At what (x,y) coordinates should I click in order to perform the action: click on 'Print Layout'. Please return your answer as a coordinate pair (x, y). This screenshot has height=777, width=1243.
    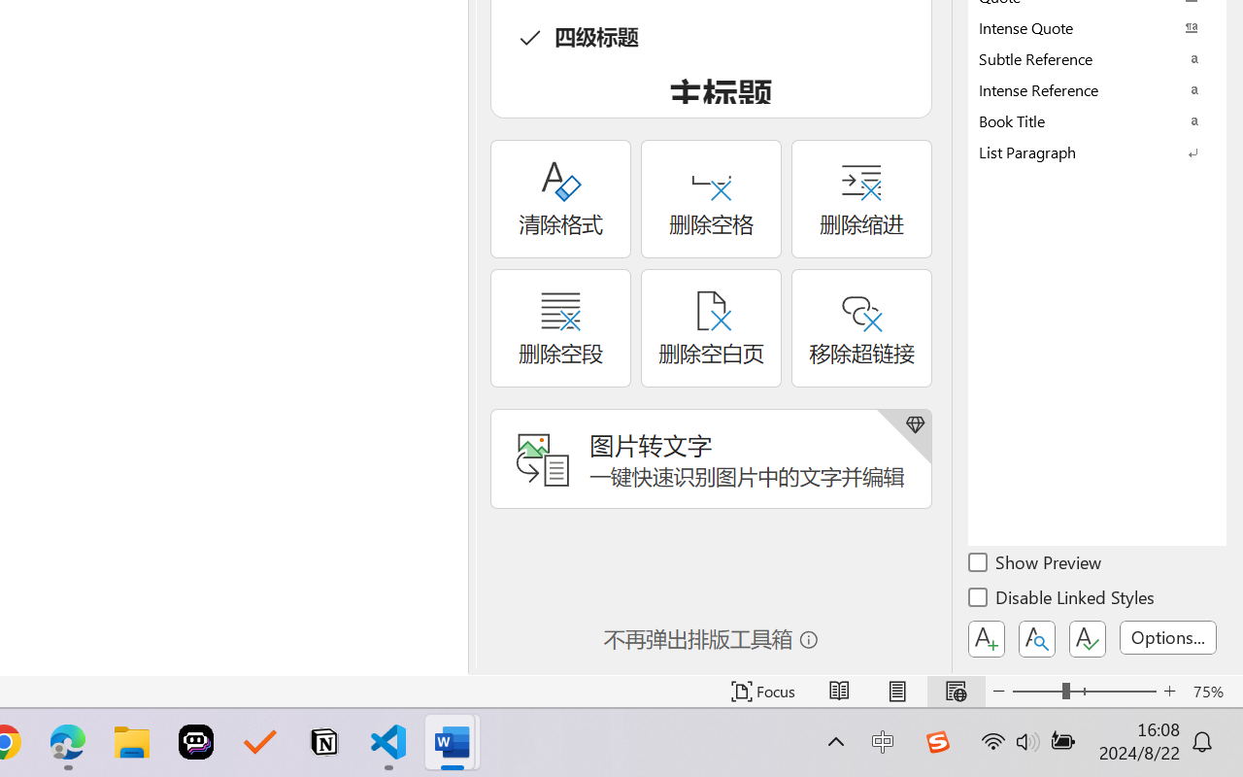
    Looking at the image, I should click on (896, 691).